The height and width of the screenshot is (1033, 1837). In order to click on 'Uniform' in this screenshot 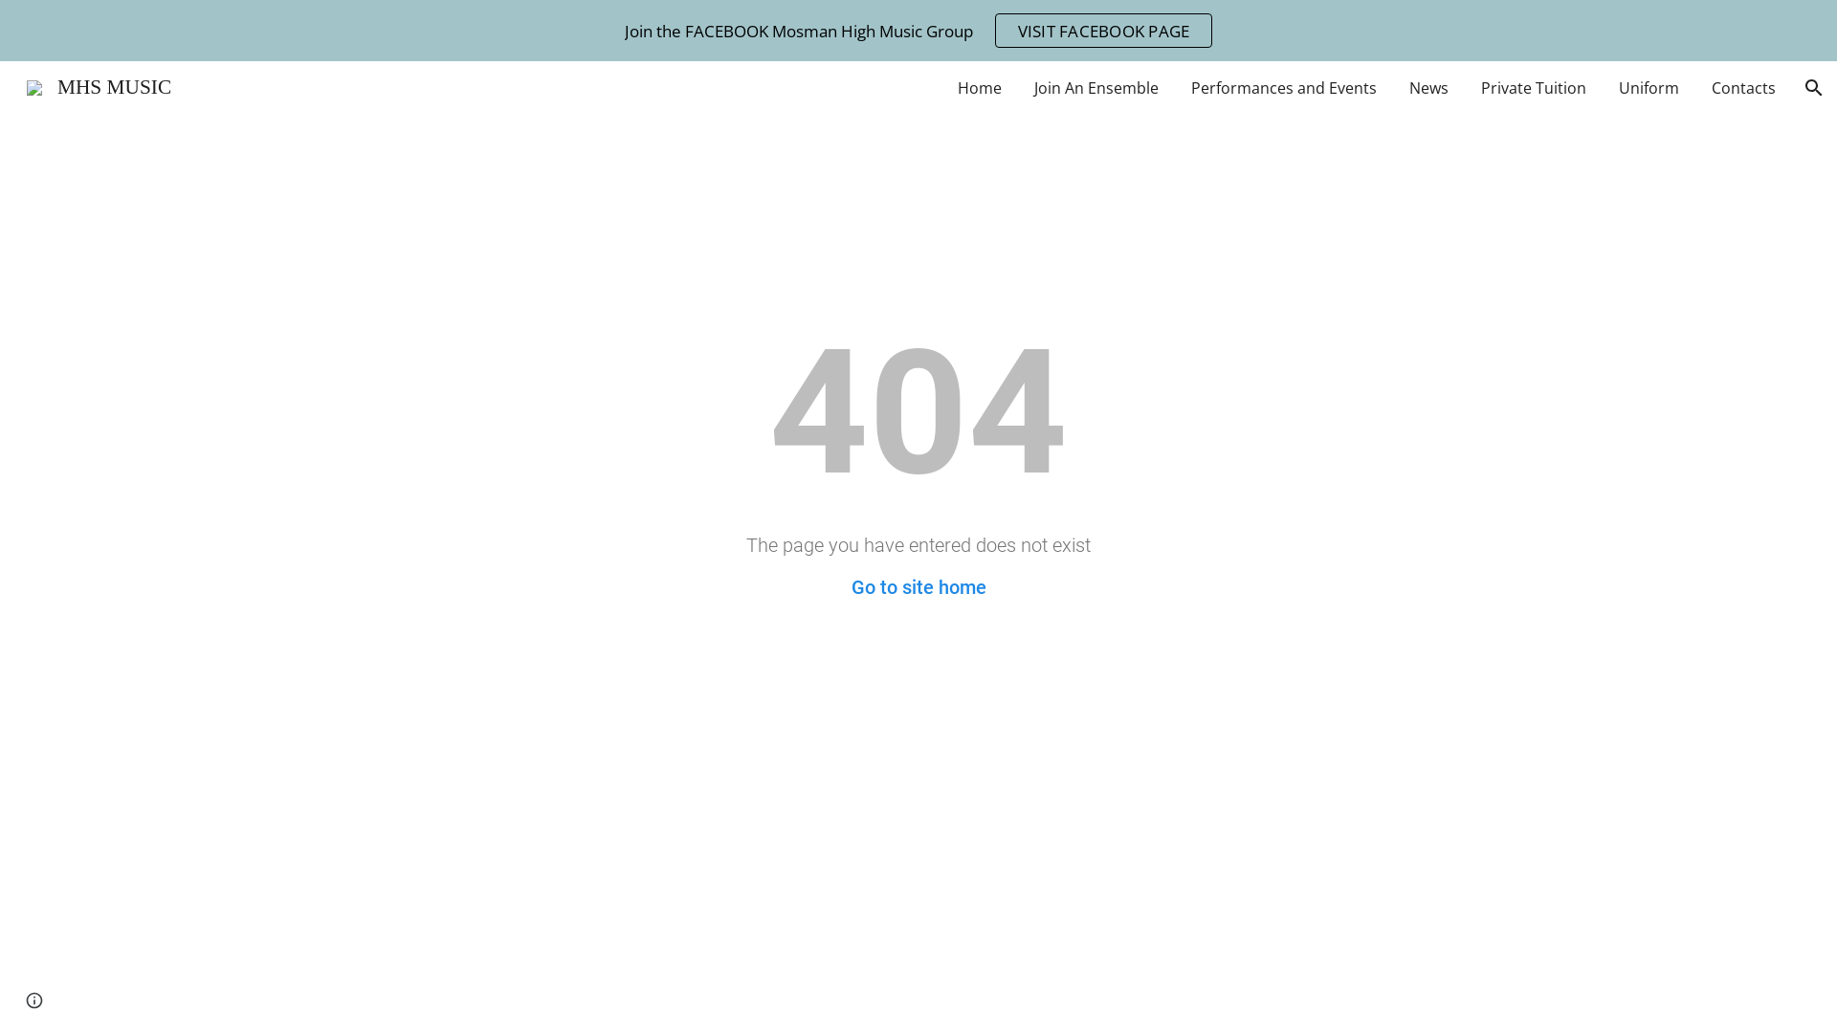, I will do `click(1648, 88)`.